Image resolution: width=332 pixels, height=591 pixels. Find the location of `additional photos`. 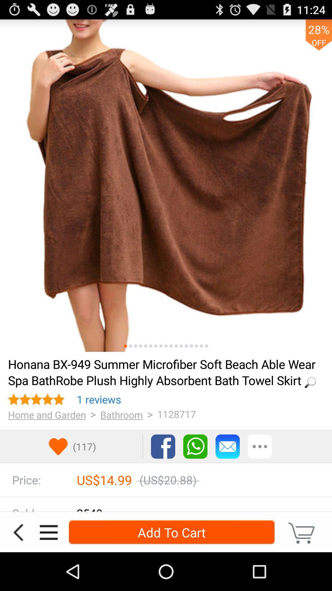

additional photos is located at coordinates (186, 346).